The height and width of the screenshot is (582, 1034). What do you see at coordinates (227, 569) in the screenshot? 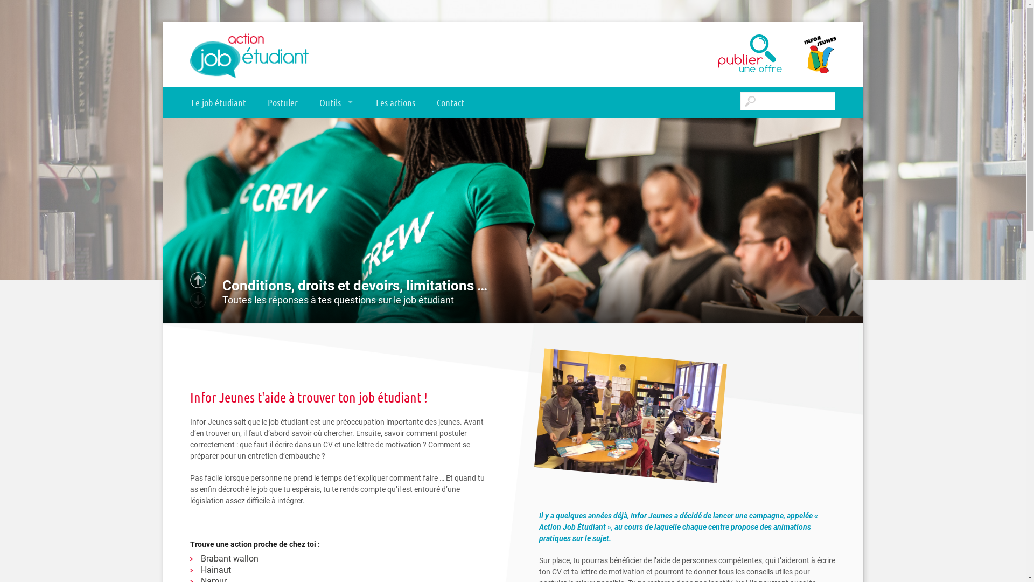
I see `'Hainaut'` at bounding box center [227, 569].